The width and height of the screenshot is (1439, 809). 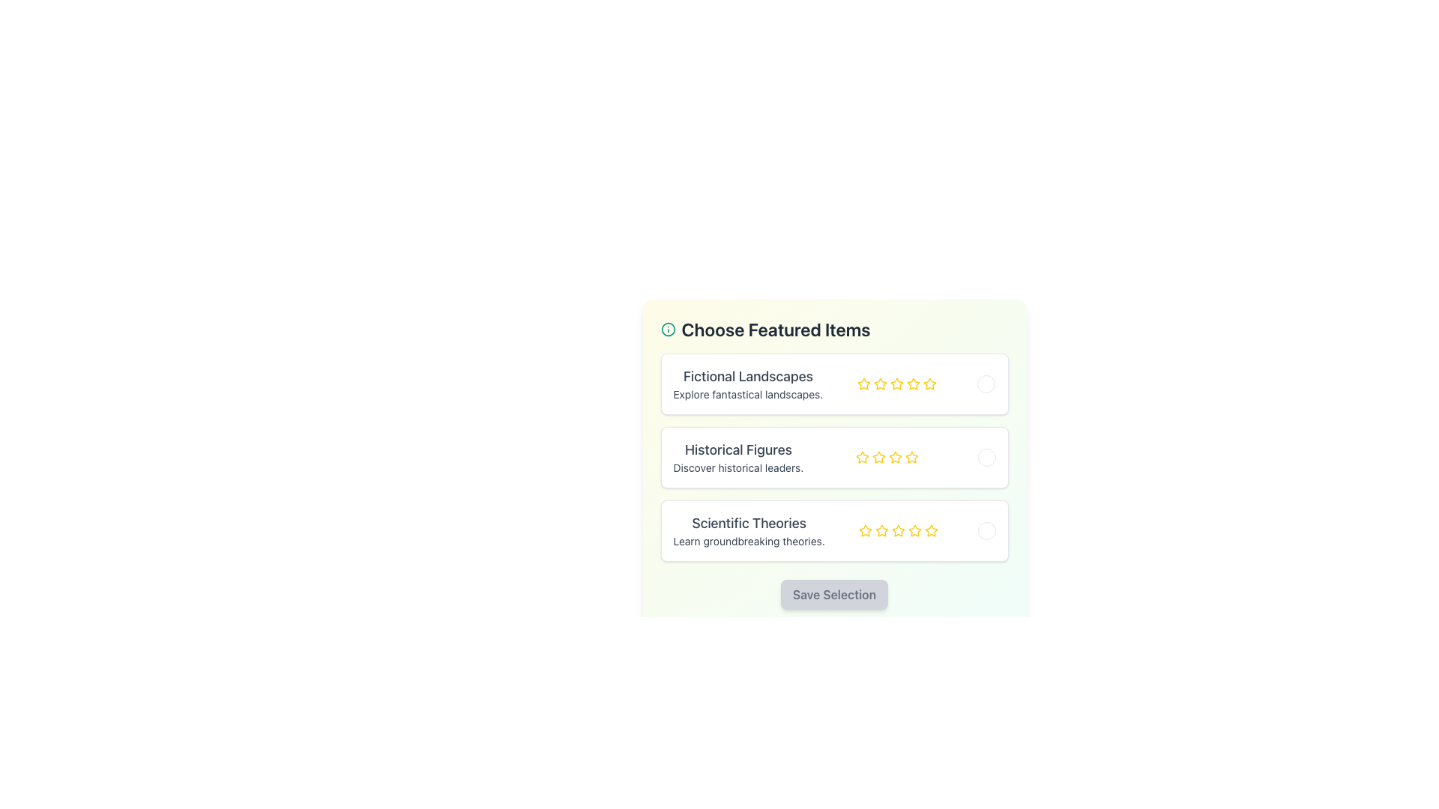 I want to click on the first star-shaped icon in the Star Rating Component with a yellow border in the 'Fictional Landscapes' rating section, so click(x=864, y=384).